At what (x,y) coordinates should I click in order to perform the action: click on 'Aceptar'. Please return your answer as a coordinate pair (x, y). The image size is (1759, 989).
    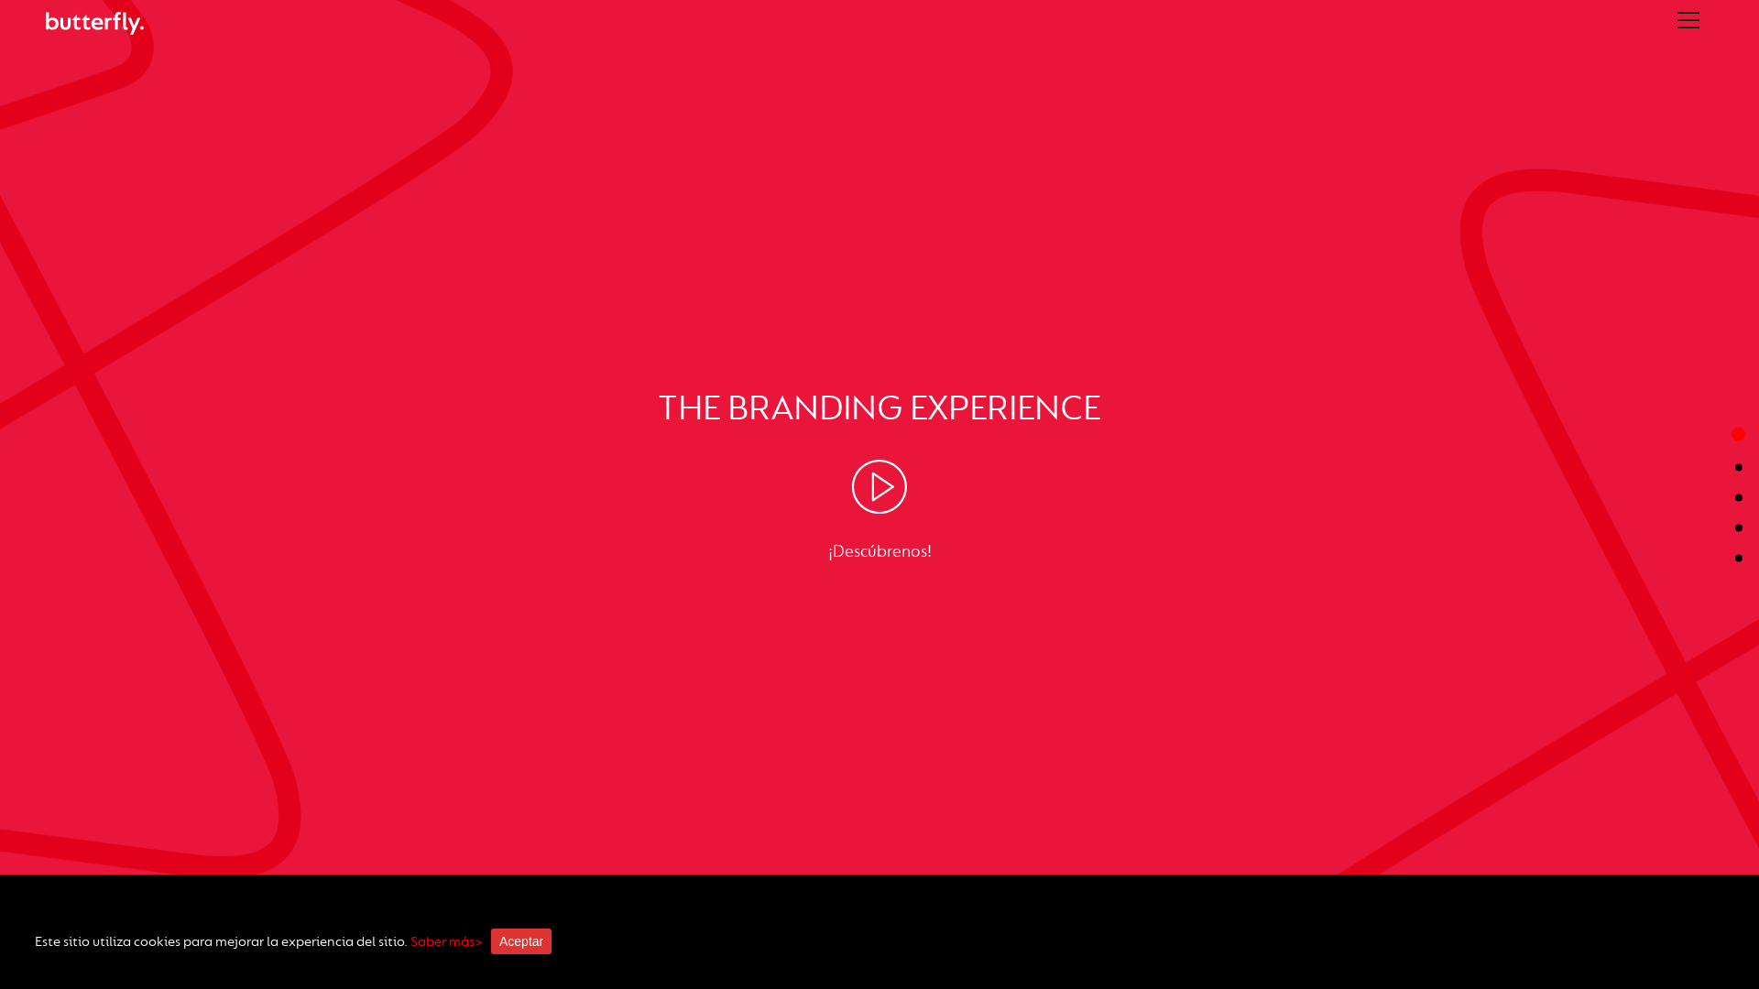
    Looking at the image, I should click on (491, 941).